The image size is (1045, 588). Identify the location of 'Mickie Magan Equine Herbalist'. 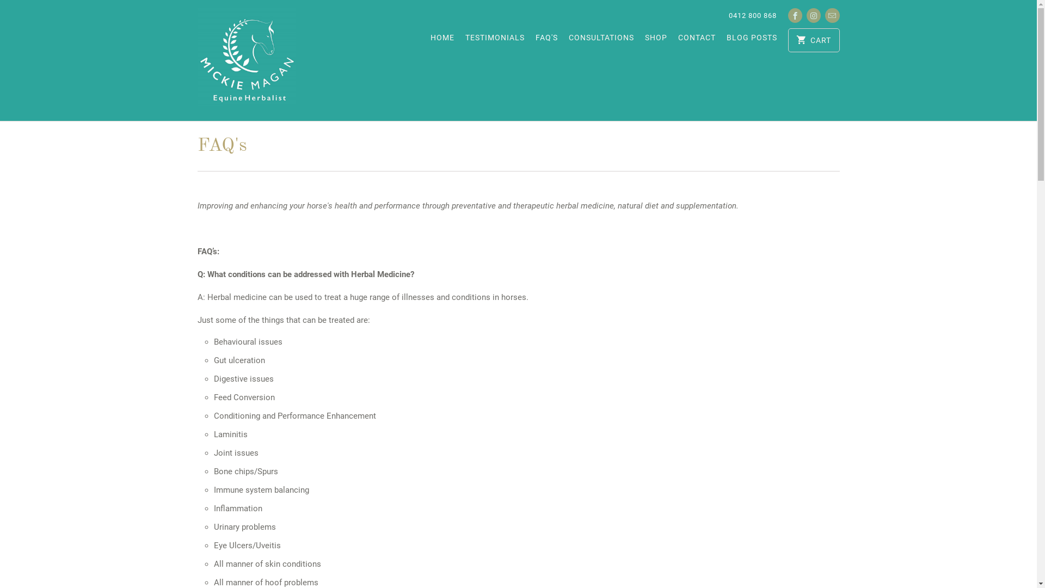
(245, 60).